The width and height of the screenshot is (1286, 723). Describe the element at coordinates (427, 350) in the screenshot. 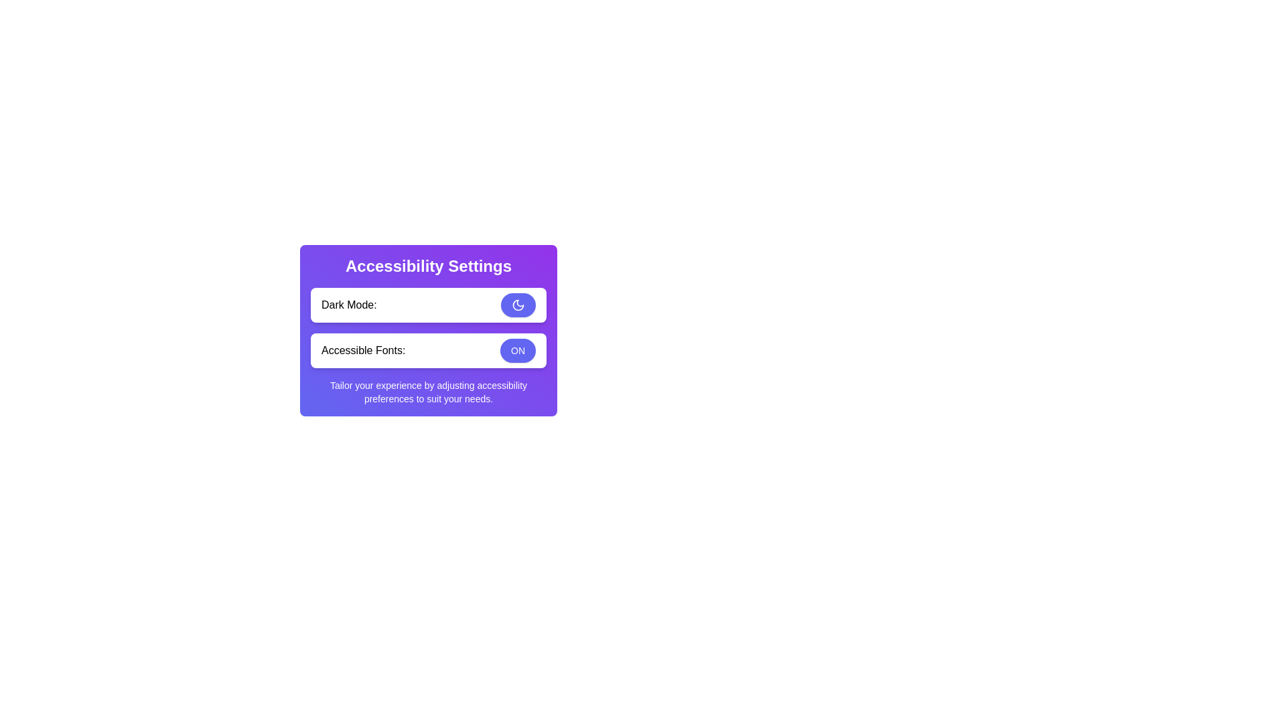

I see `the 'Accessible Fonts' toggle control element within the Accessibility Settings card` at that location.